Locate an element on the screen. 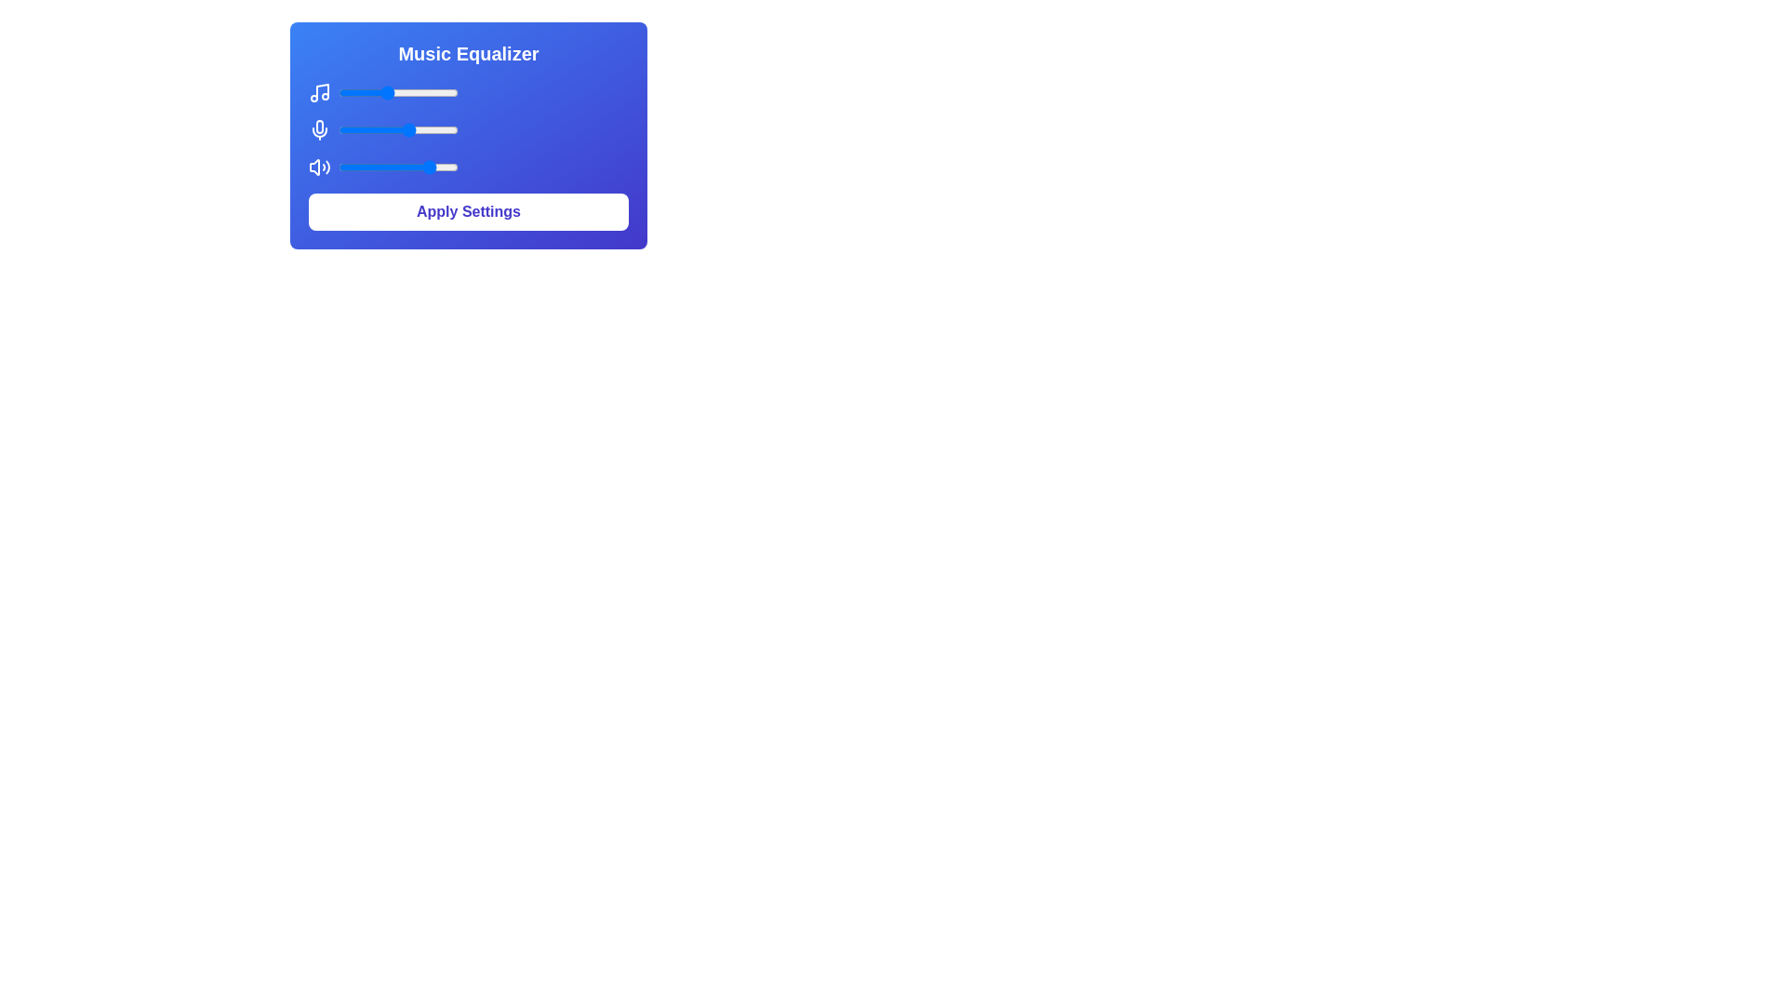 This screenshot has width=1786, height=1005. the music-related icon featuring two quaver symbols, which is styled in a line-art design with a white fill and blue border, located in the top-left corner of the 'Music Equalizer' section is located at coordinates (320, 93).